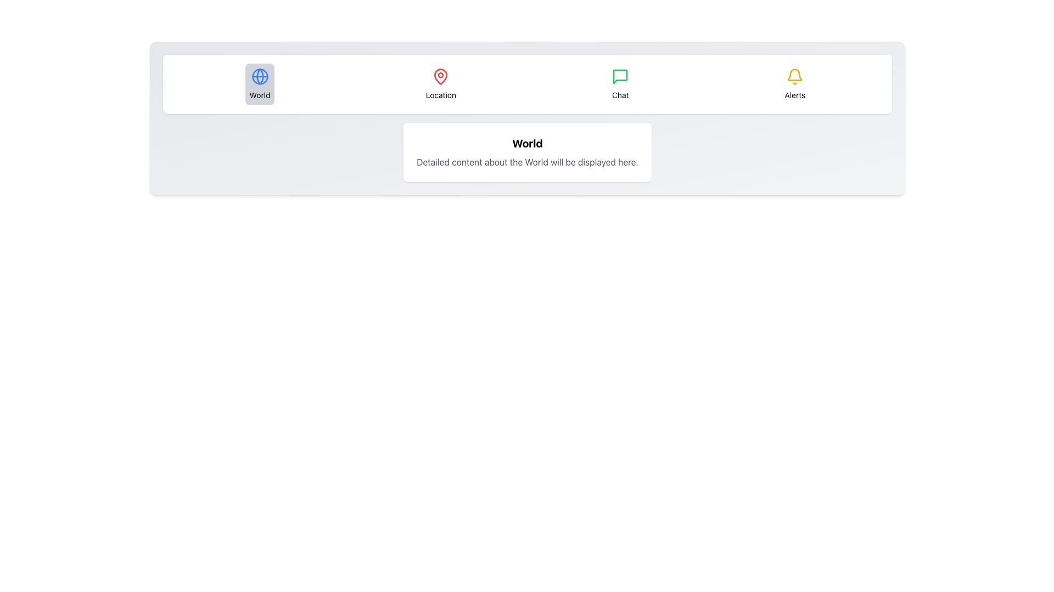 This screenshot has width=1054, height=592. What do you see at coordinates (259, 76) in the screenshot?
I see `the appearance of the SVG Circle Component representing the central part of a globe icon in the first navigation item on the top navigation bar` at bounding box center [259, 76].